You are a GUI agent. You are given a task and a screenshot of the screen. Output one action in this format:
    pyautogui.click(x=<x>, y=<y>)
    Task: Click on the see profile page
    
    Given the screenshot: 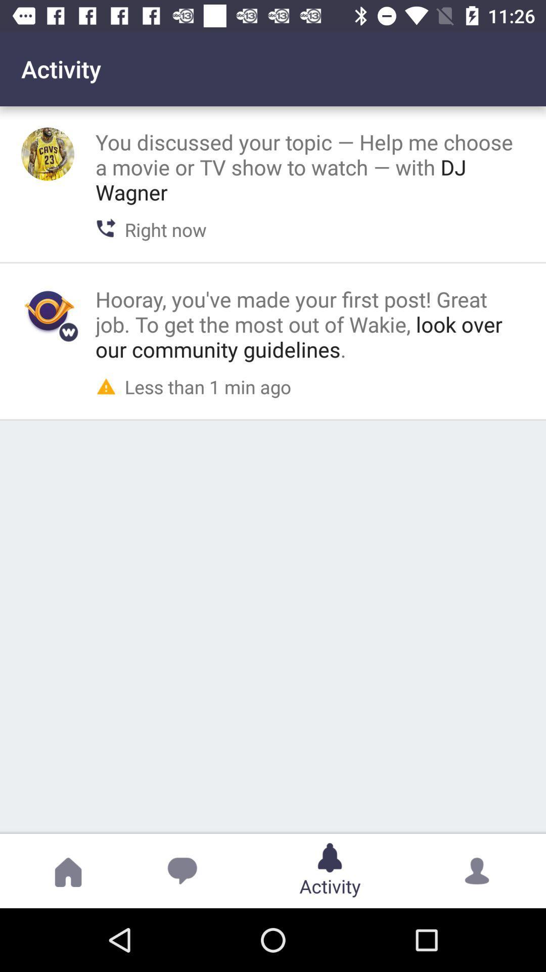 What is the action you would take?
    pyautogui.click(x=48, y=310)
    